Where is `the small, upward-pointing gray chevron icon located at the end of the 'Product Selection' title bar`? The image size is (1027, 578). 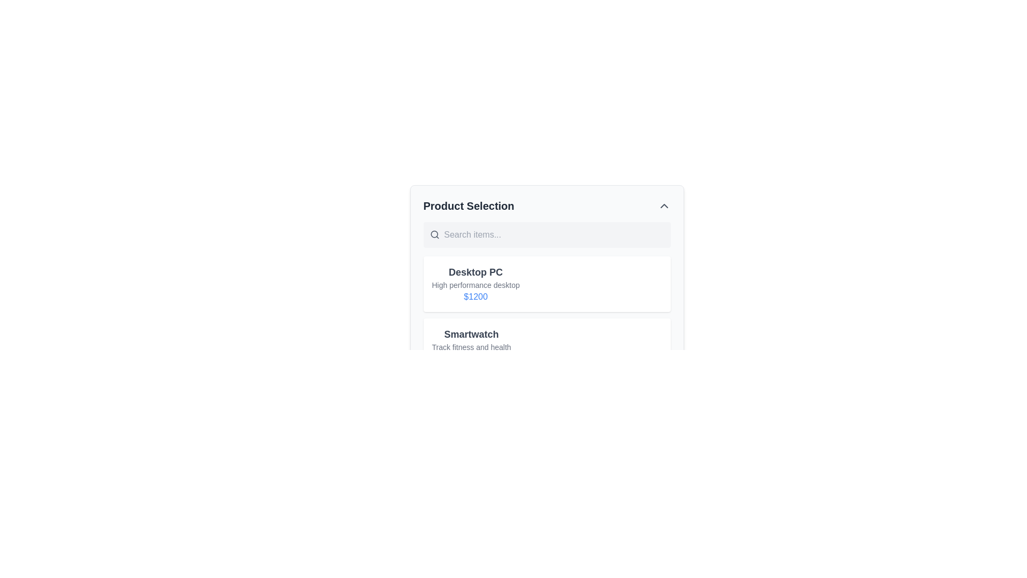
the small, upward-pointing gray chevron icon located at the end of the 'Product Selection' title bar is located at coordinates (663, 206).